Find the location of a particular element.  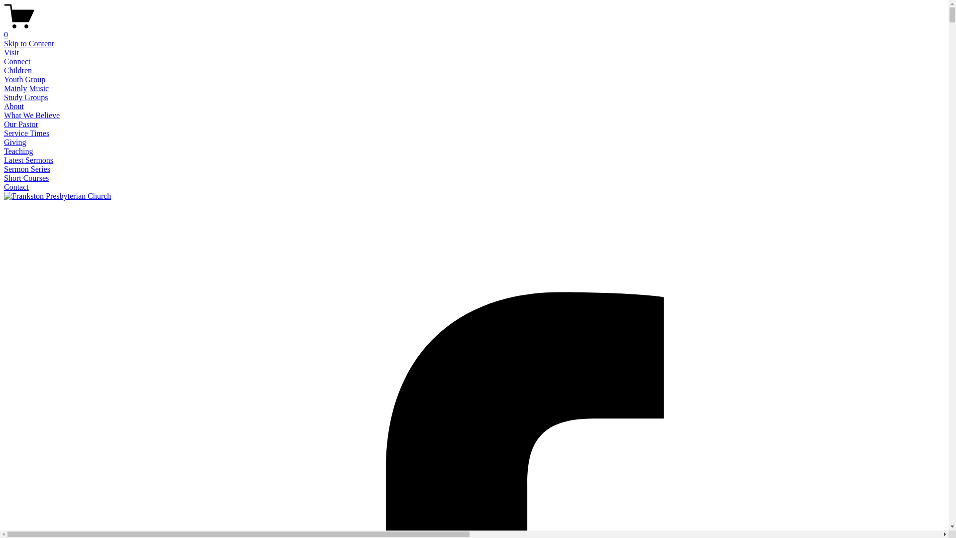

'Sermon Series' is located at coordinates (27, 168).